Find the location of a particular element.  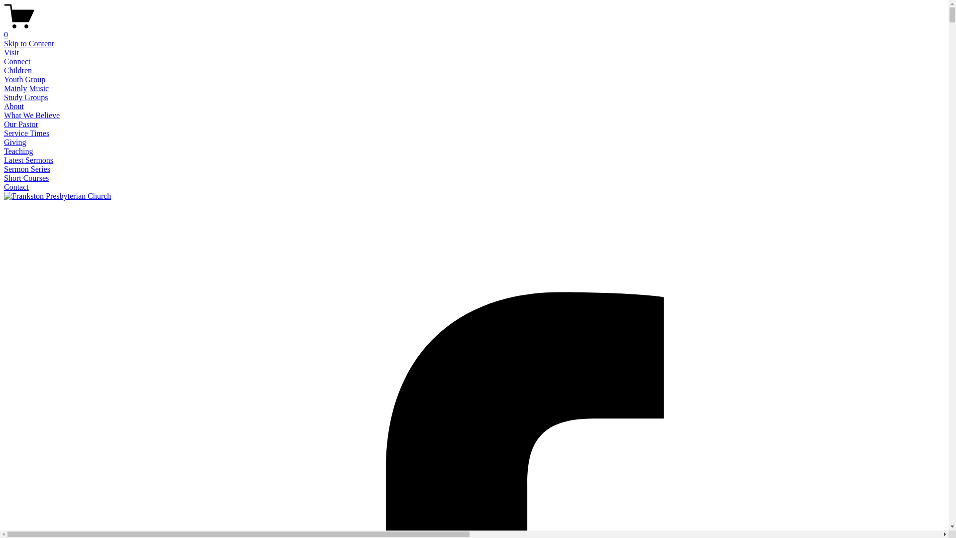

'Sermon Series' is located at coordinates (27, 168).